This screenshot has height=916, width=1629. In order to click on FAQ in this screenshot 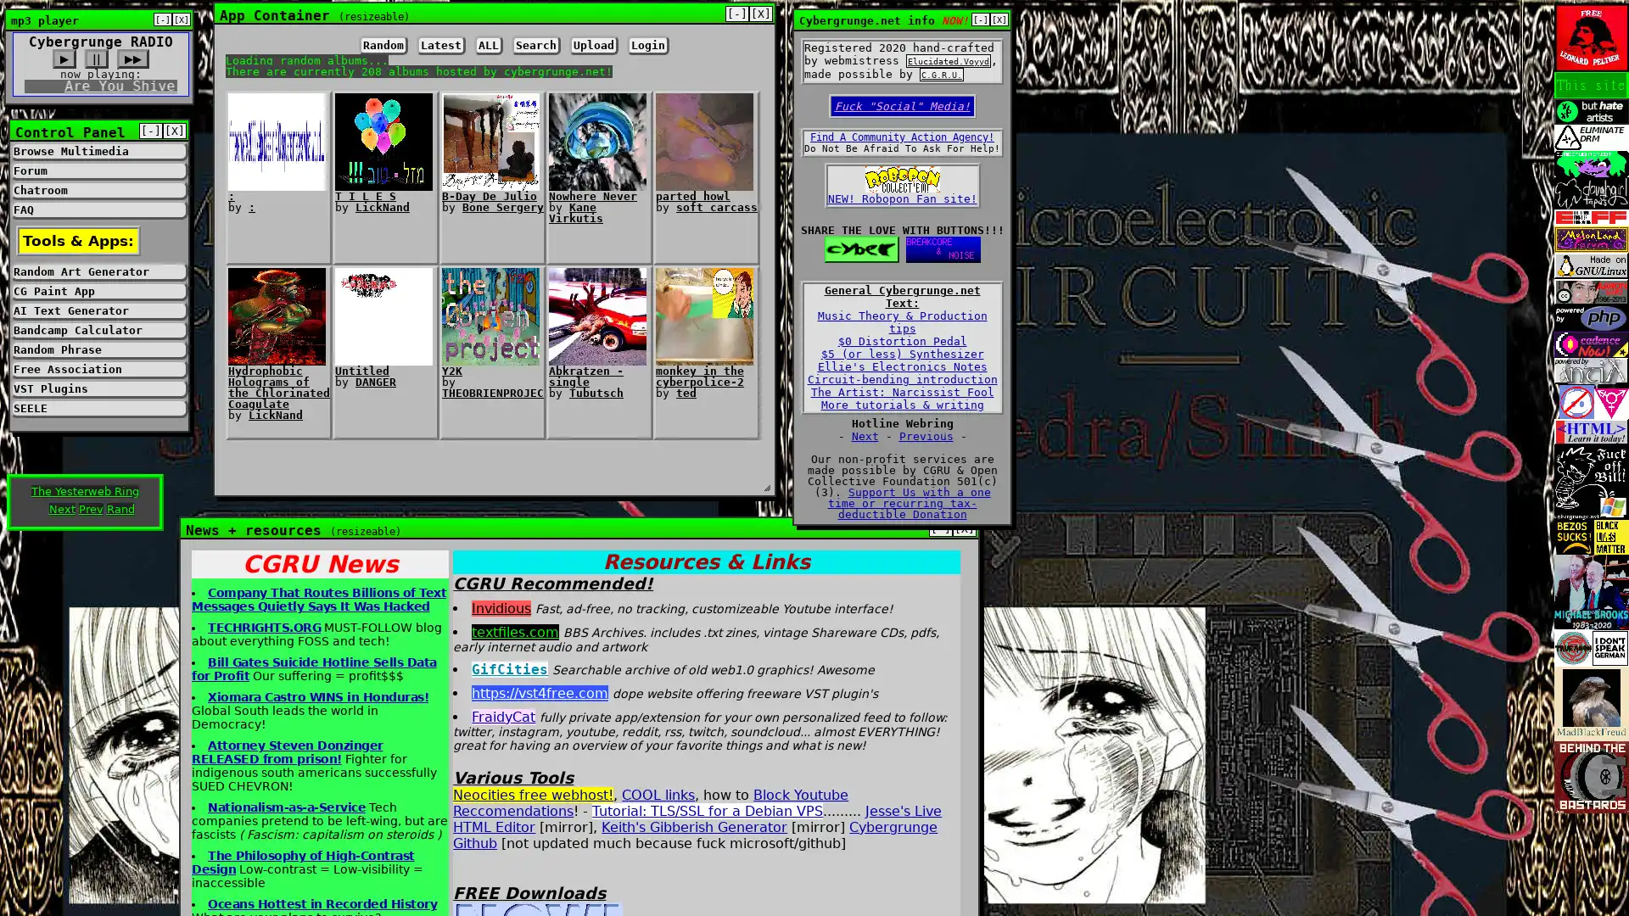, I will do `click(98, 209)`.